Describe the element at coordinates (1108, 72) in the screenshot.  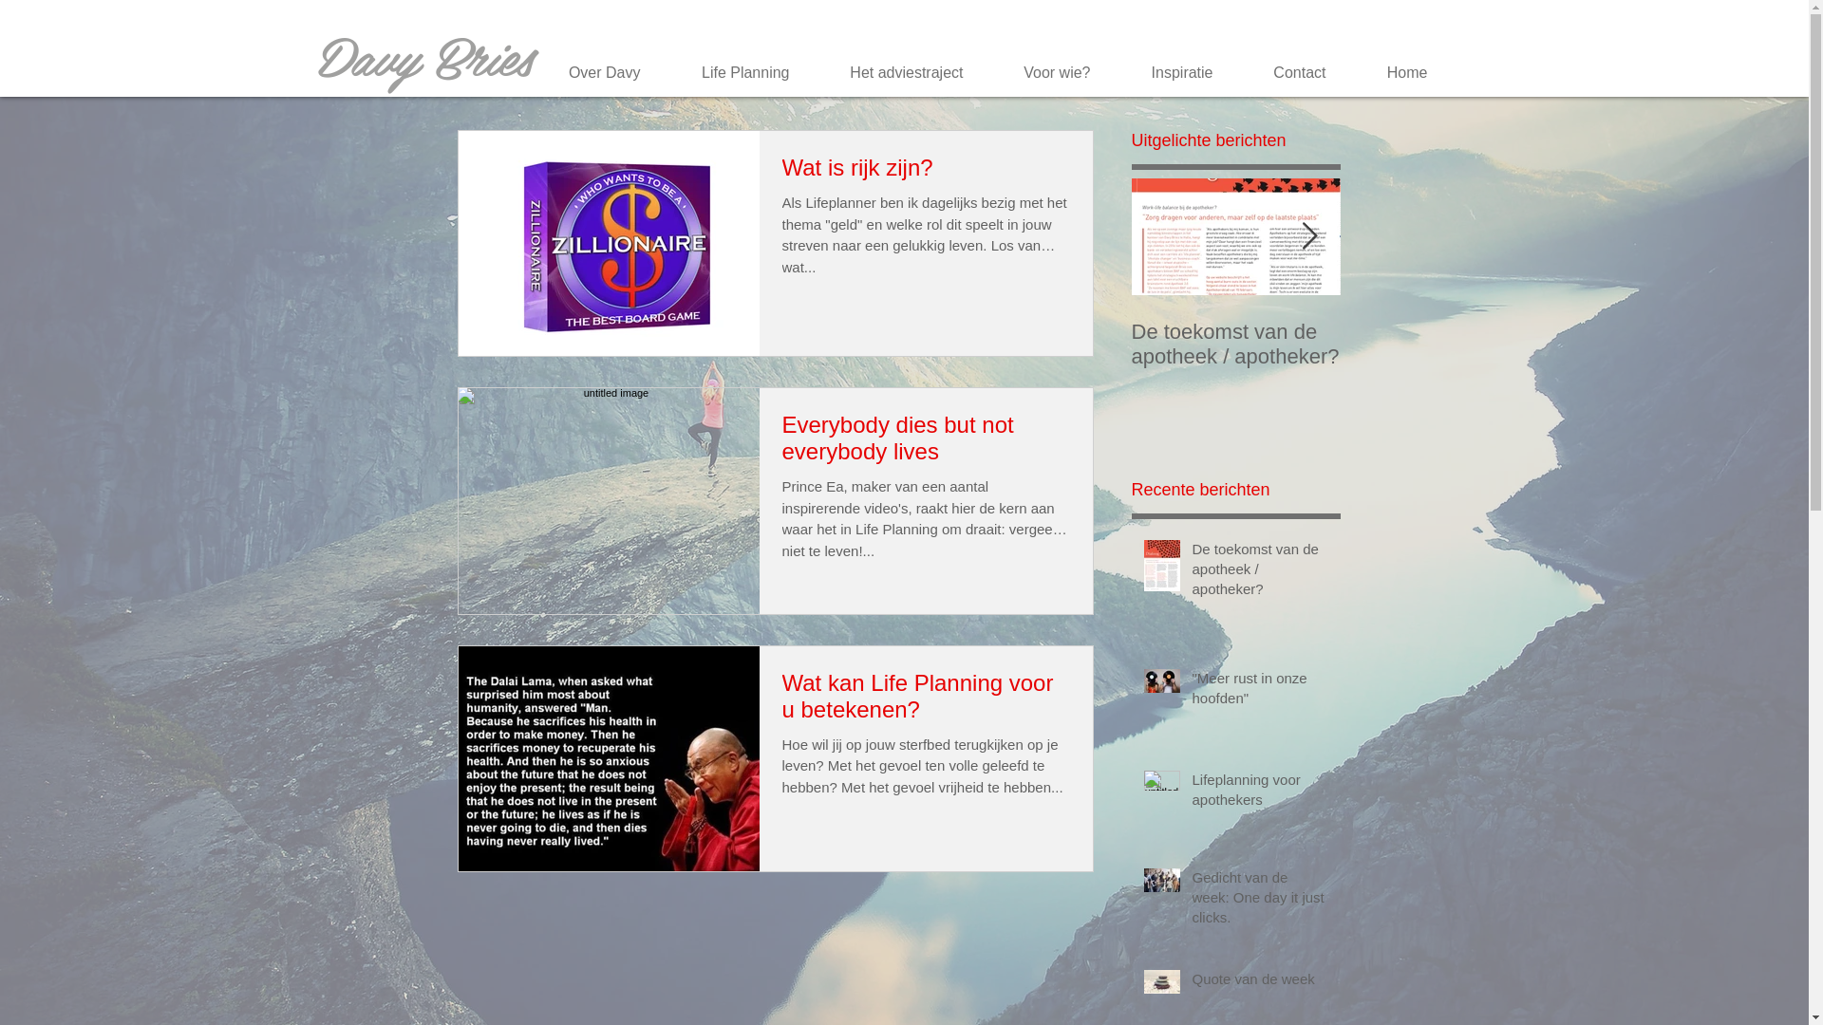
I see `'Inspiratie'` at that location.